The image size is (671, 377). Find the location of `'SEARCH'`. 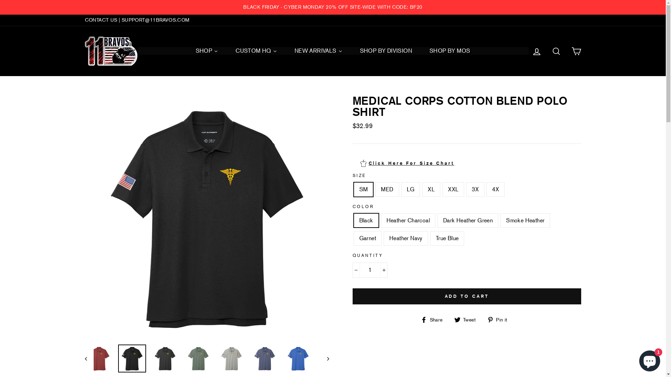

'SEARCH' is located at coordinates (556, 51).